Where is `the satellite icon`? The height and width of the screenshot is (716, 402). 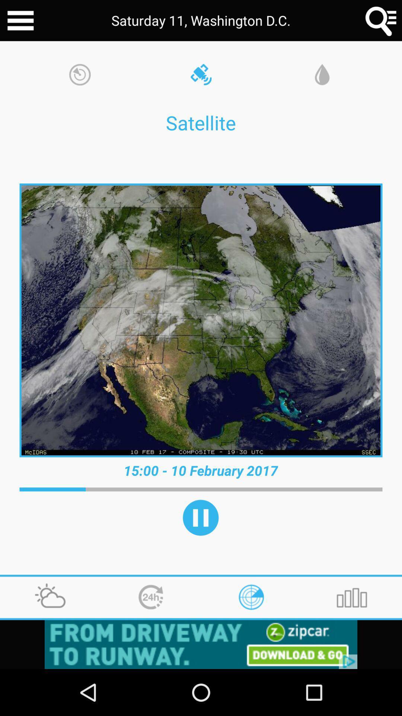 the satellite icon is located at coordinates (201, 75).